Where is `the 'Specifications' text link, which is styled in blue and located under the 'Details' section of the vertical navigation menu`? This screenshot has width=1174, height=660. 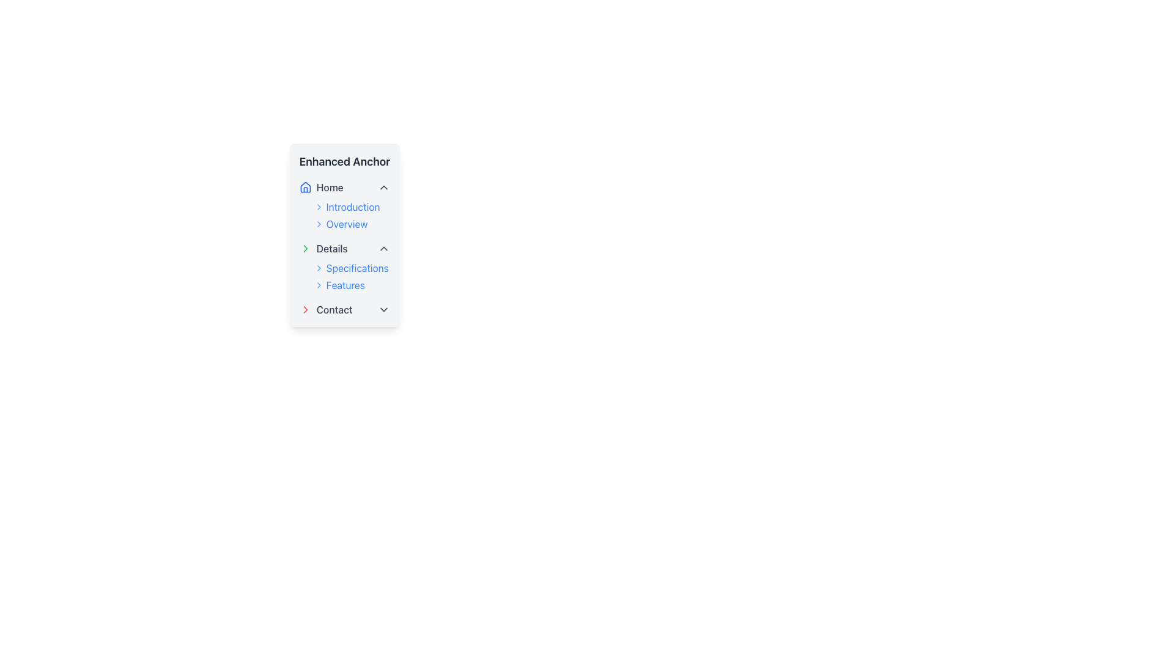 the 'Specifications' text link, which is styled in blue and located under the 'Details' section of the vertical navigation menu is located at coordinates (356, 268).